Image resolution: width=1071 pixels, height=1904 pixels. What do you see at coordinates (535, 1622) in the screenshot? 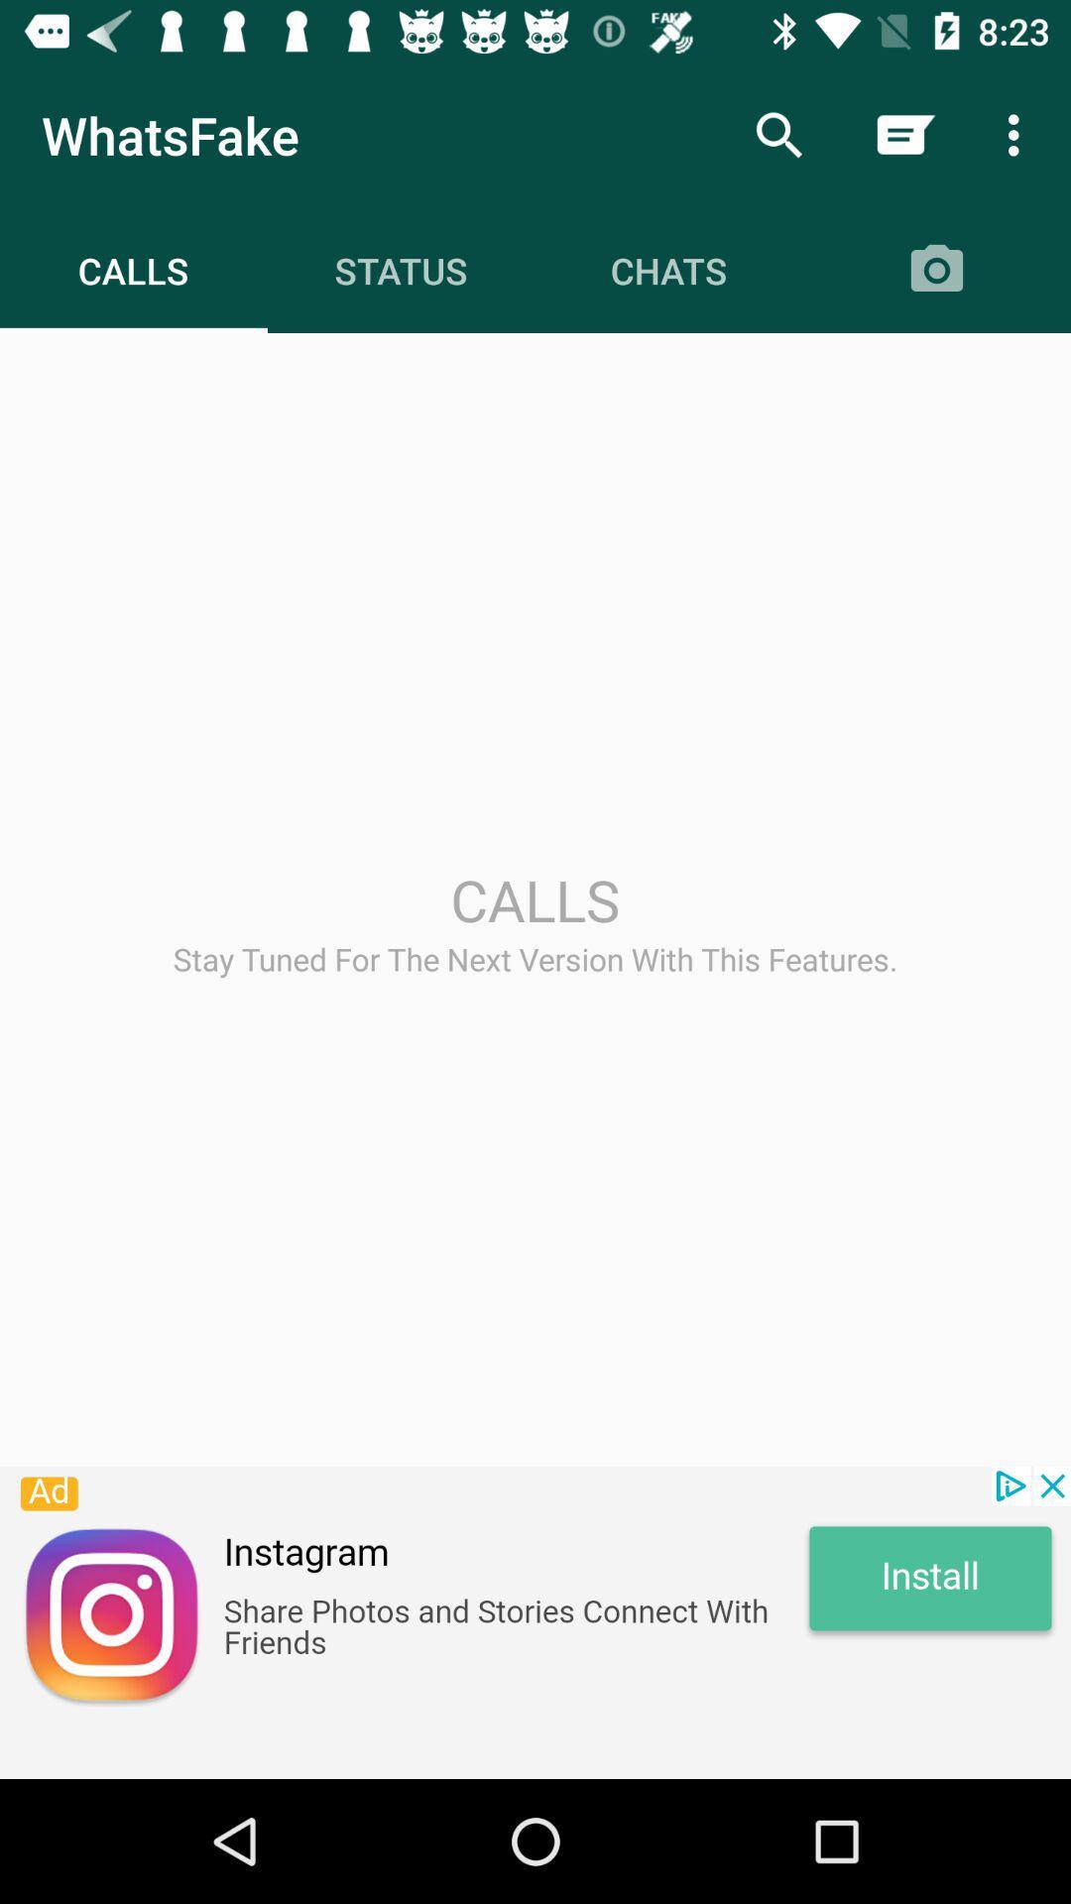
I see `share the article` at bounding box center [535, 1622].